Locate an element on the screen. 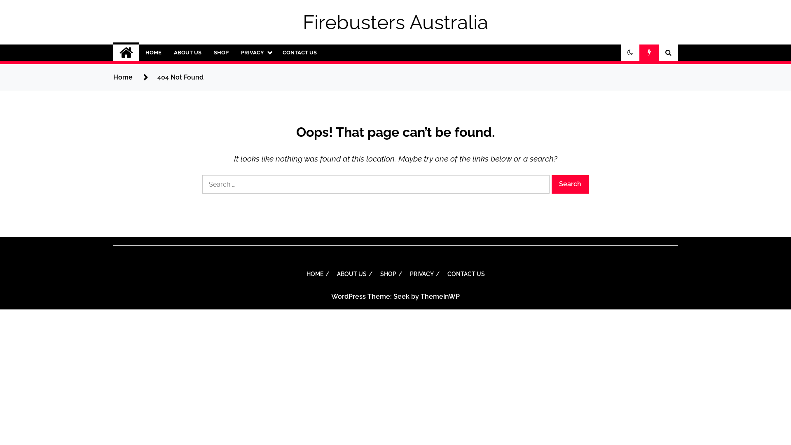 The image size is (791, 445). 'Search' is located at coordinates (552, 184).